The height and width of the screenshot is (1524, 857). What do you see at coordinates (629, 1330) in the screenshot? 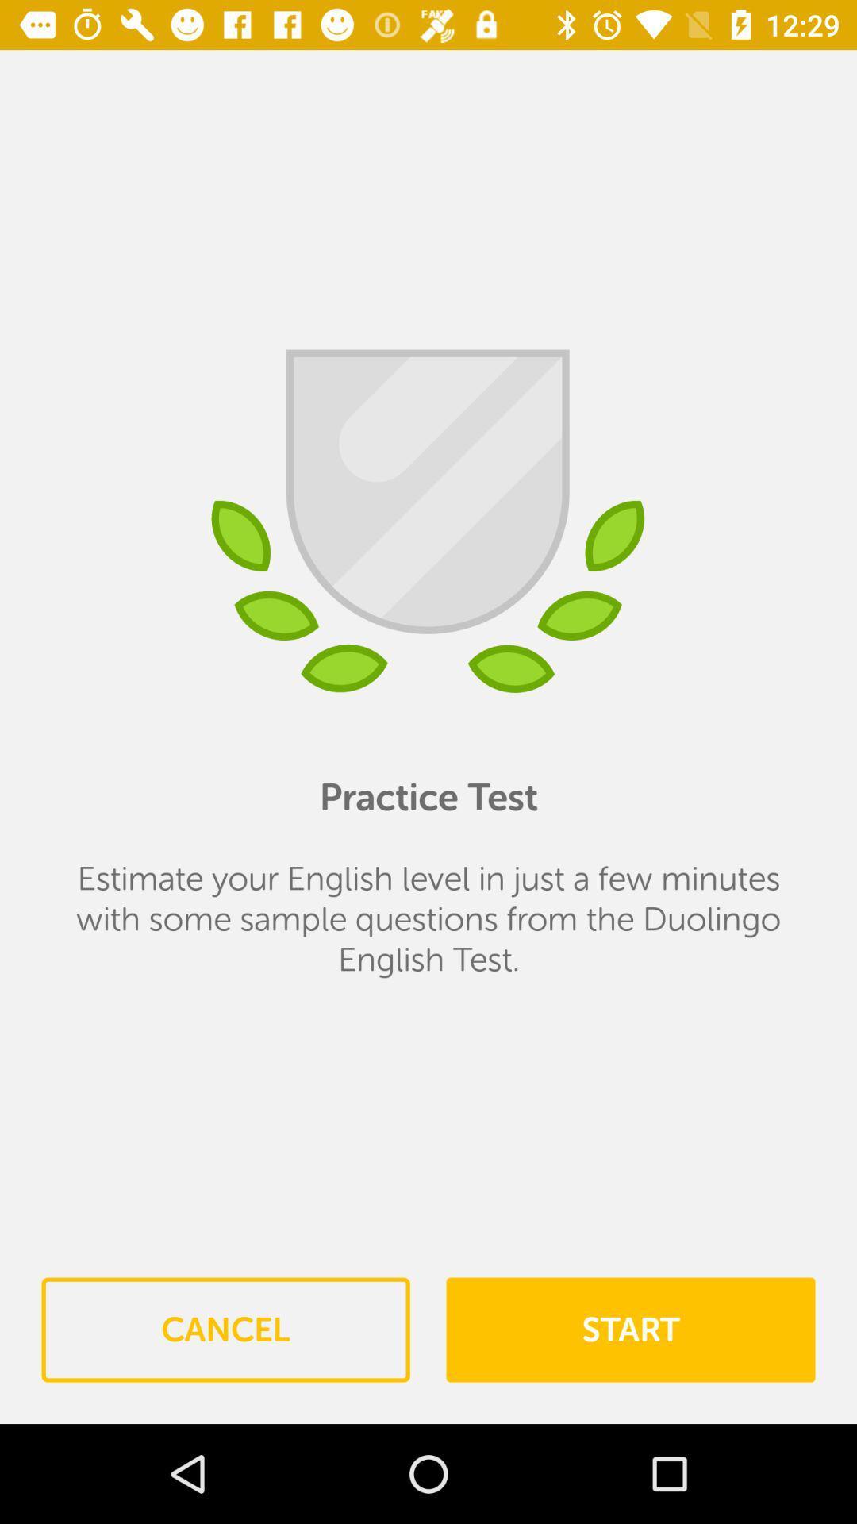
I see `icon next to the cancel item` at bounding box center [629, 1330].